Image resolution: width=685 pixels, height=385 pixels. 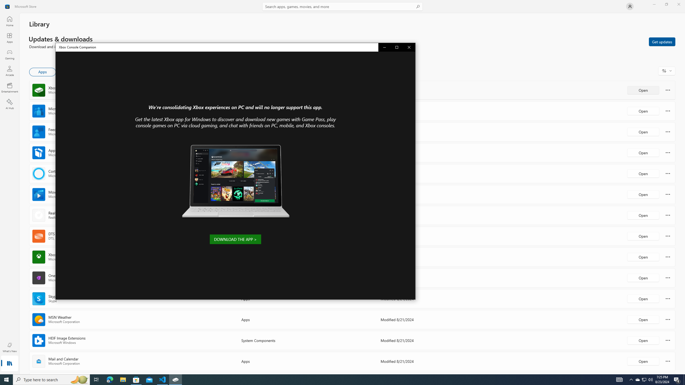 I want to click on 'File Explorer', so click(x=123, y=379).